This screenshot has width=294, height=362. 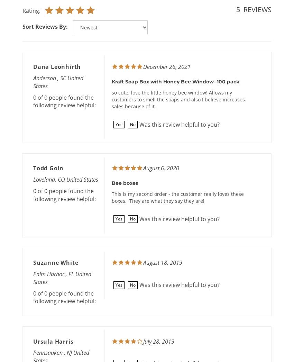 I want to click on 'Todd Goin', so click(x=48, y=168).